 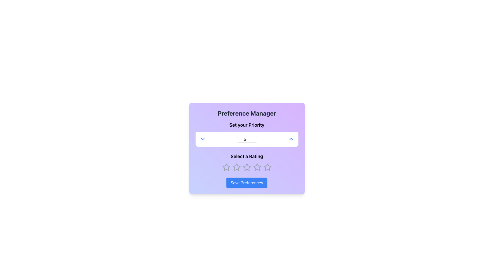 I want to click on the rectangular button with a blue background and white text that reads 'Save Preferences' to darken its color, so click(x=246, y=182).